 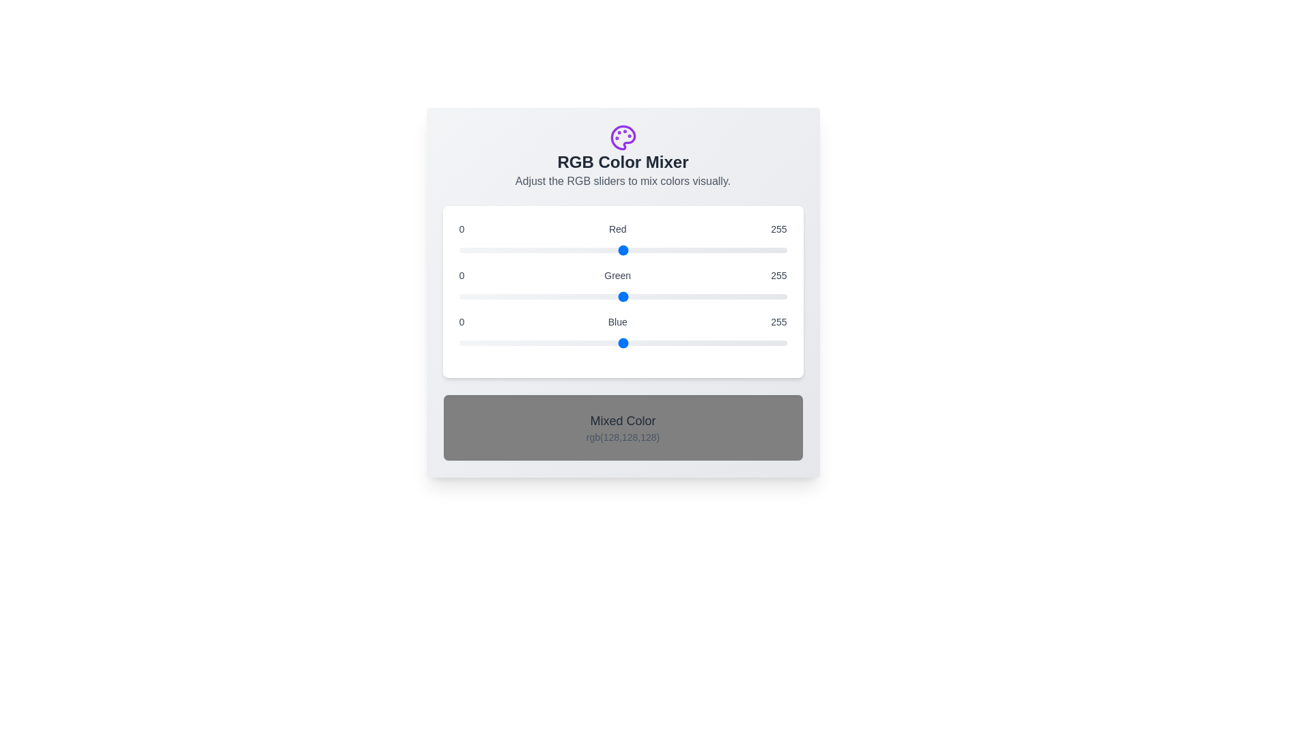 I want to click on the blue slider to a specific value 161 within the range 0 to 255, so click(x=666, y=342).